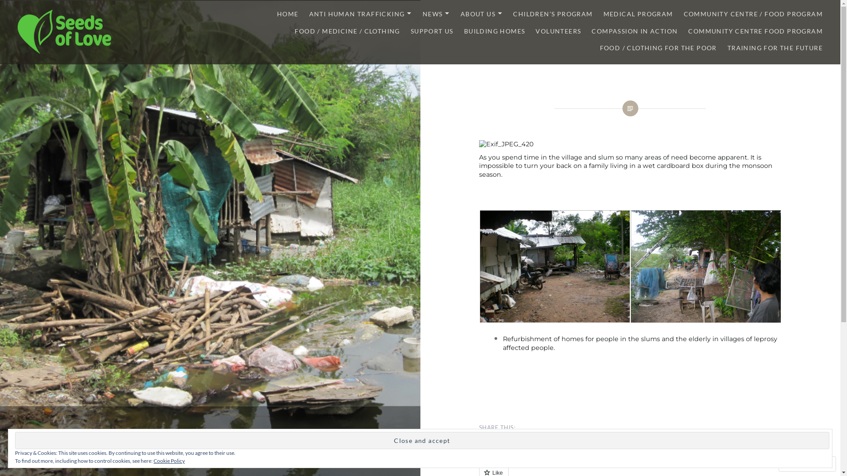 The height and width of the screenshot is (476, 847). I want to click on 'NEWS', so click(436, 14).